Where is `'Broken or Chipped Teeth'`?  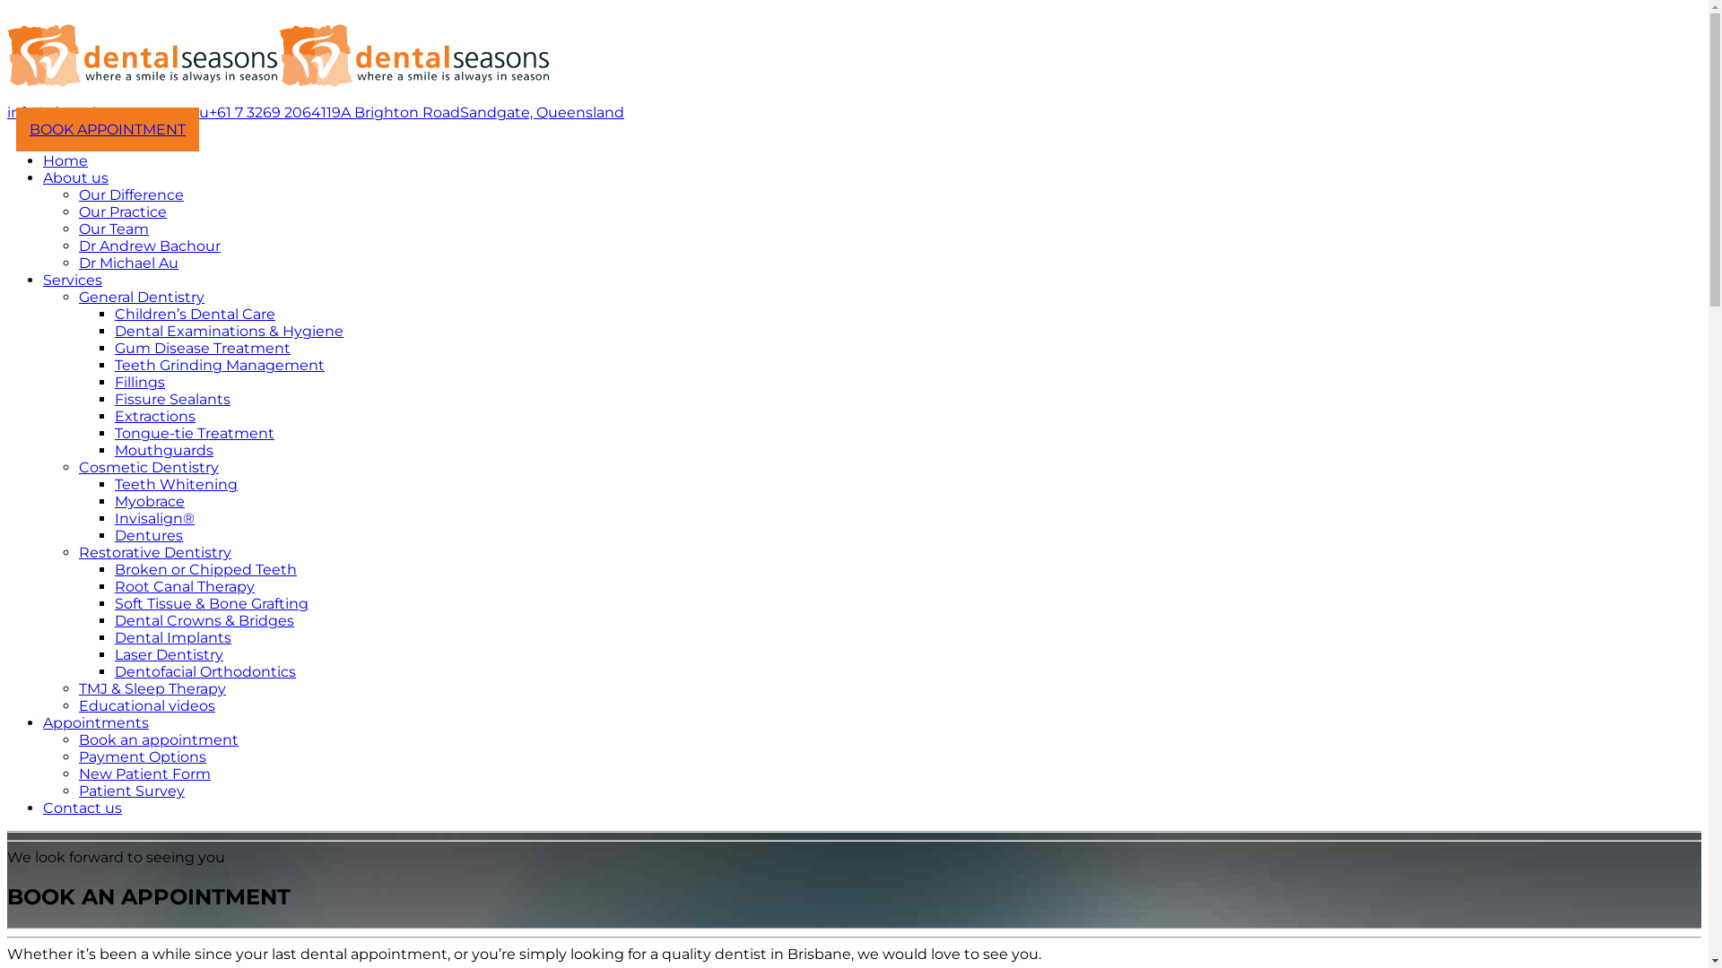
'Broken or Chipped Teeth' is located at coordinates (205, 569).